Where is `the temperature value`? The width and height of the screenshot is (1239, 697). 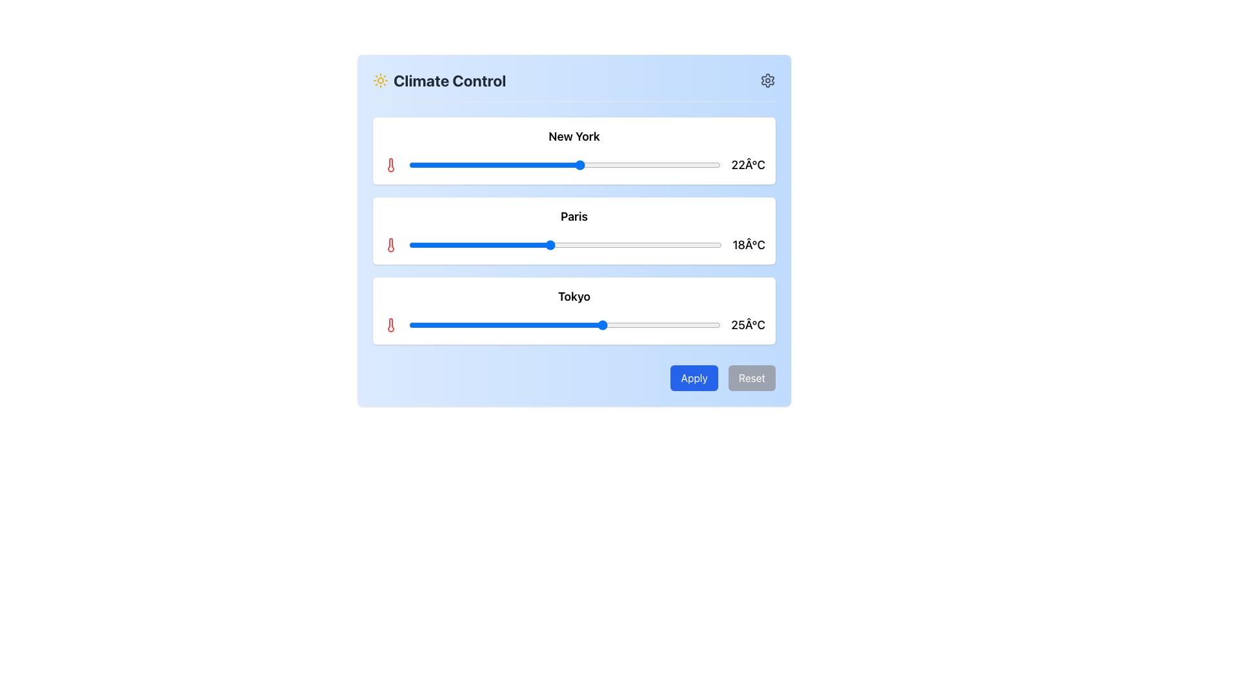 the temperature value is located at coordinates (572, 164).